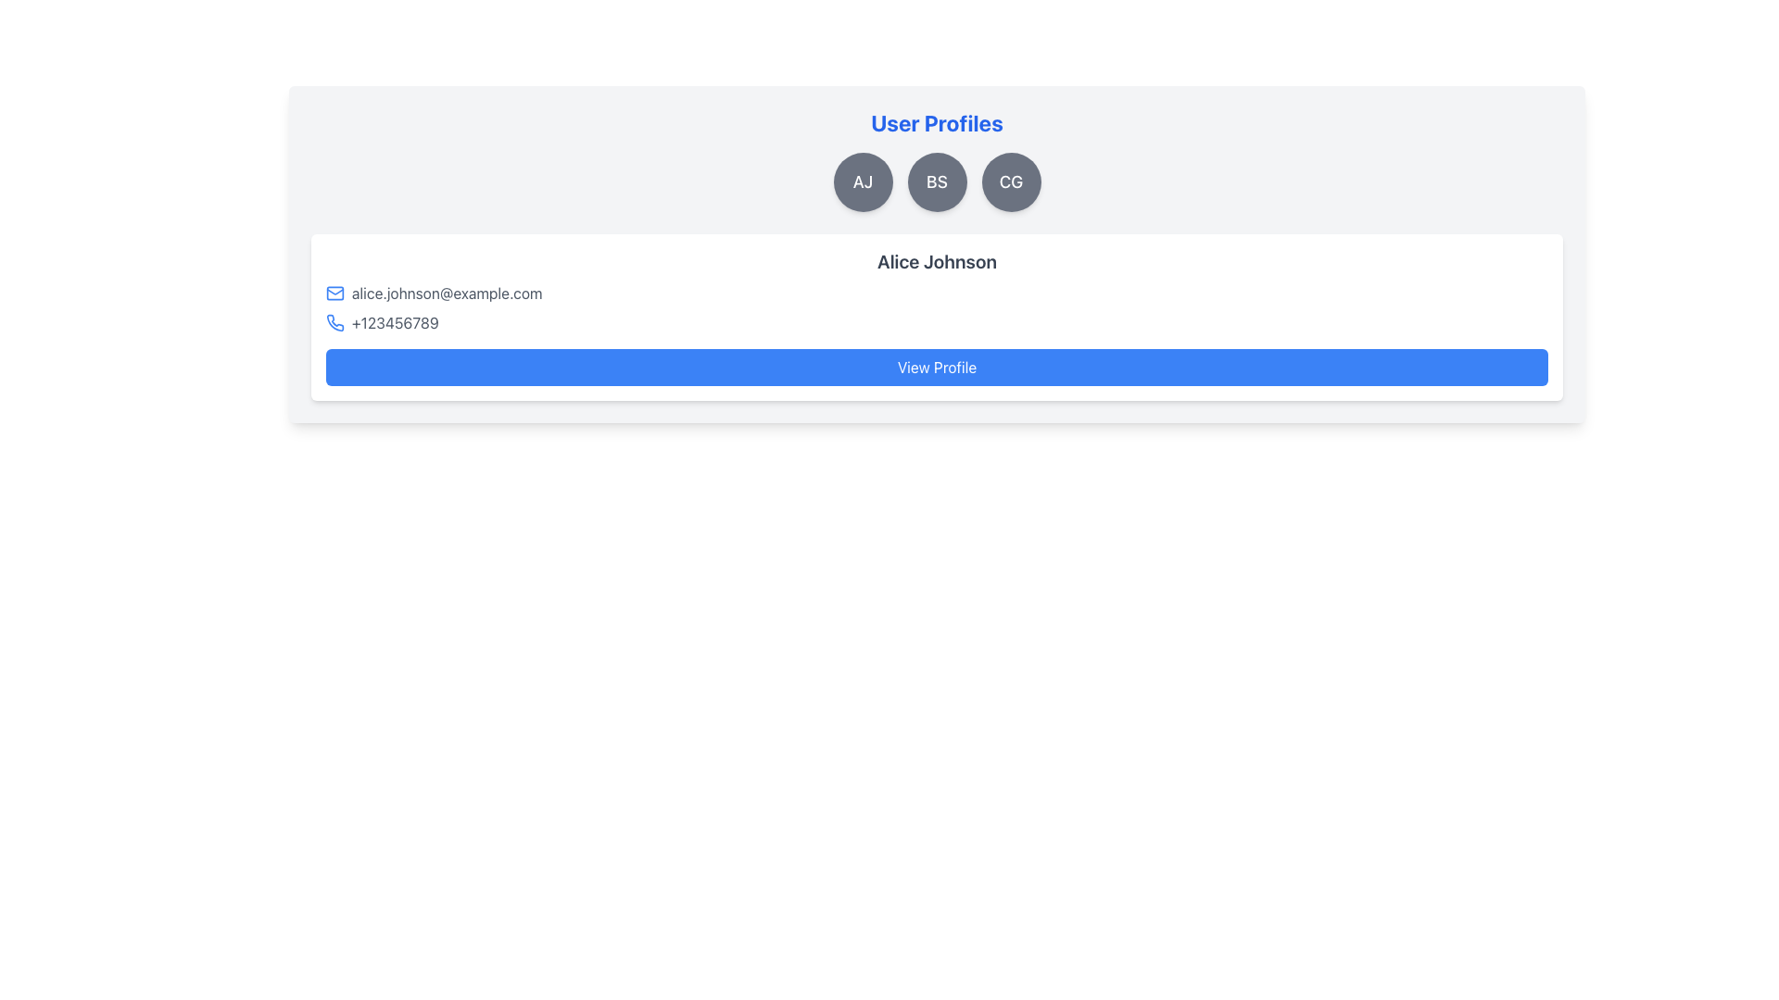 The width and height of the screenshot is (1779, 1000). I want to click on the button located within the white rectangular card below the user's contact information, so click(937, 368).